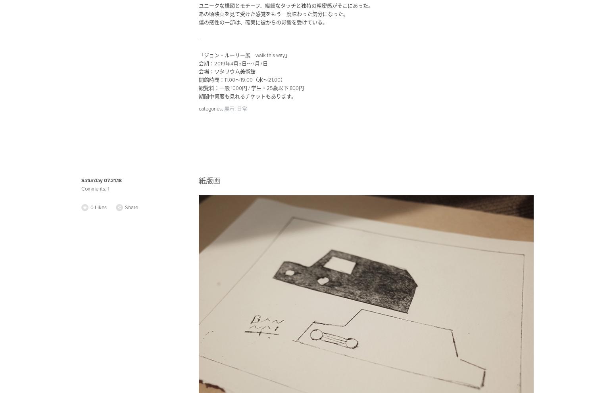 The width and height of the screenshot is (615, 393). Describe the element at coordinates (102, 180) in the screenshot. I see `'Saturday 07.21.18'` at that location.